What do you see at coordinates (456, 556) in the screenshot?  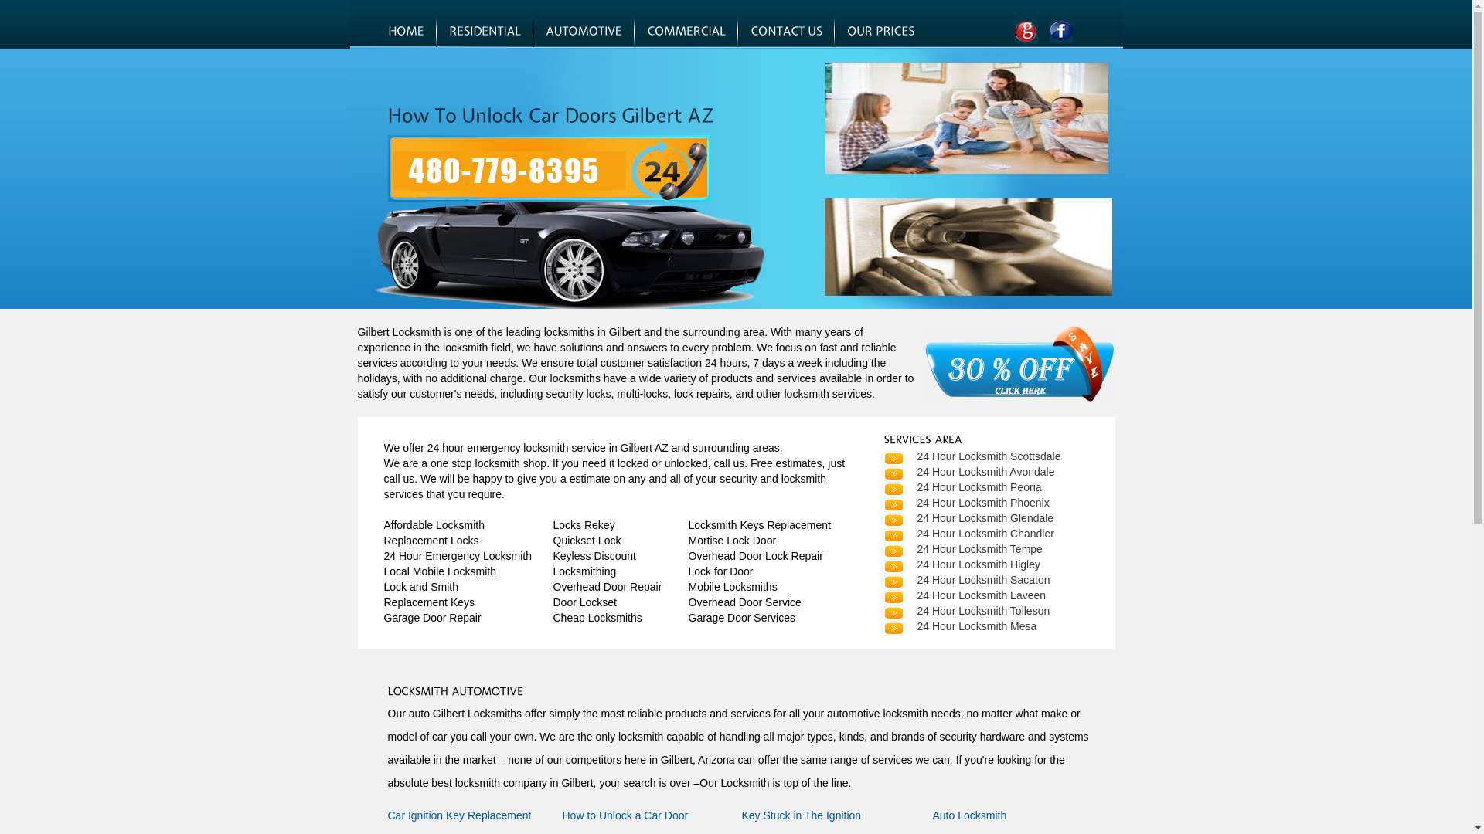 I see `'24 Hour Emergency Locksmith'` at bounding box center [456, 556].